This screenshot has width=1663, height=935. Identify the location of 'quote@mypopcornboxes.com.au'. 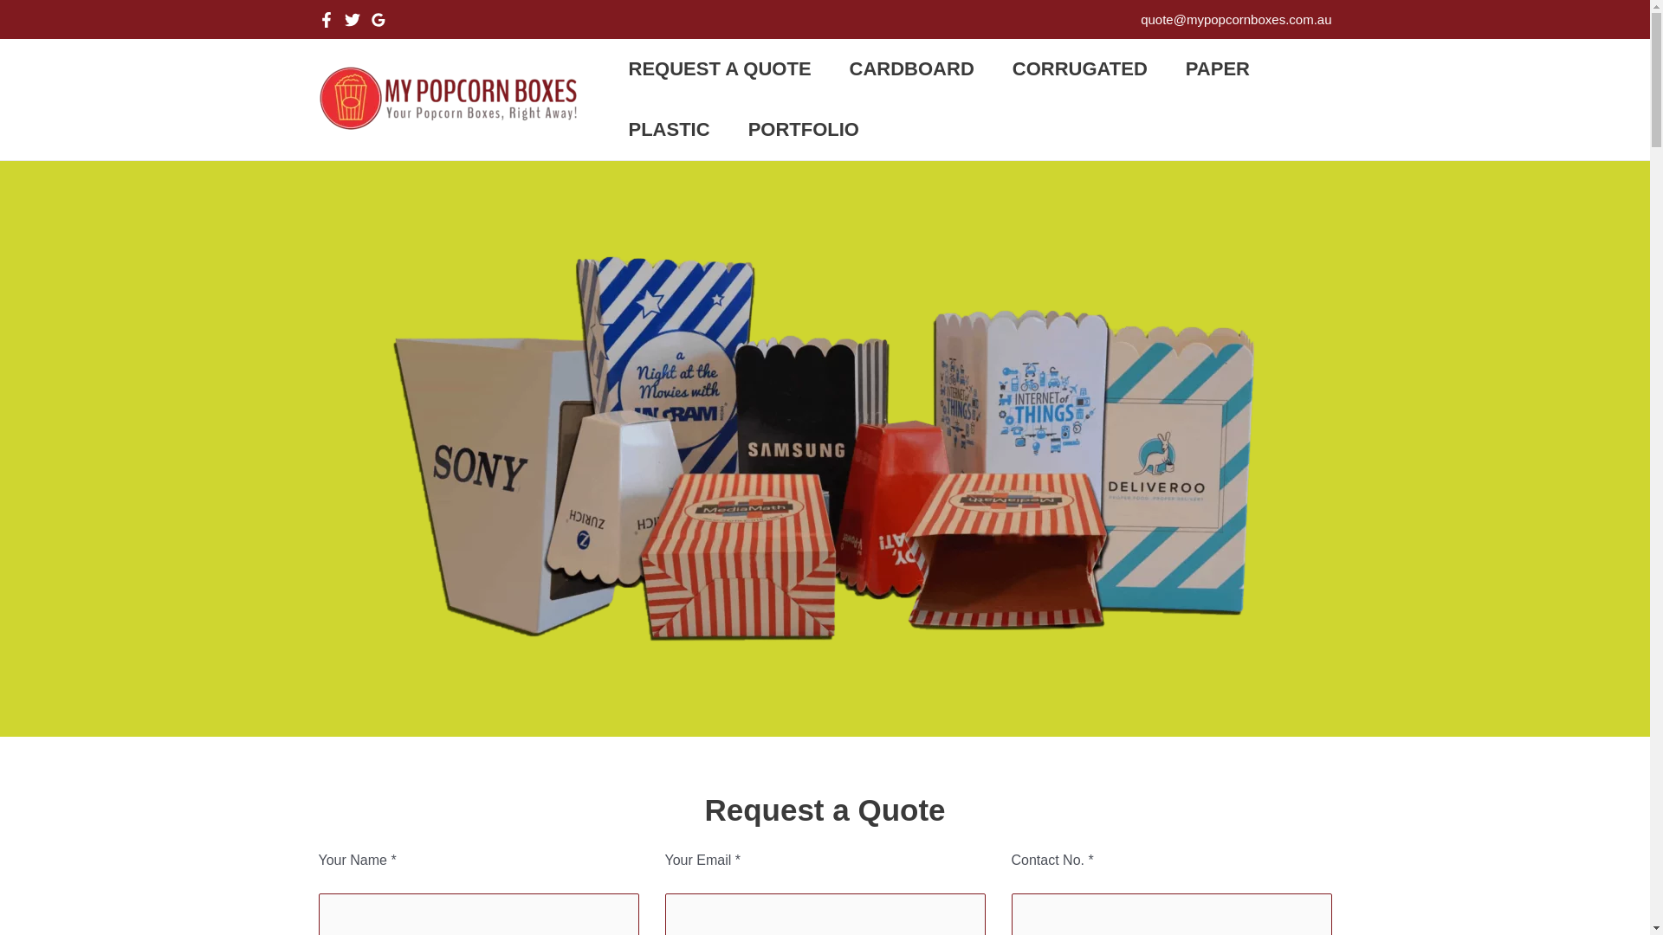
(1140, 19).